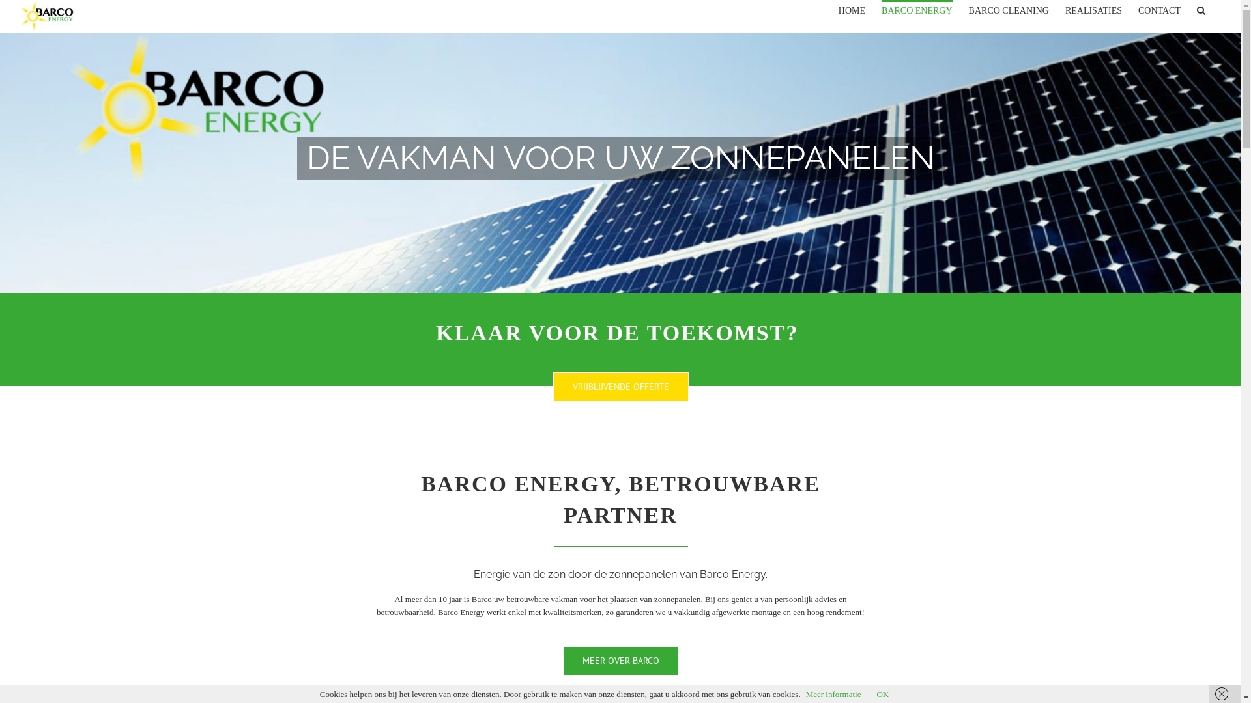  I want to click on 'VRIJBLIJVENDE OFFERTE', so click(620, 386).